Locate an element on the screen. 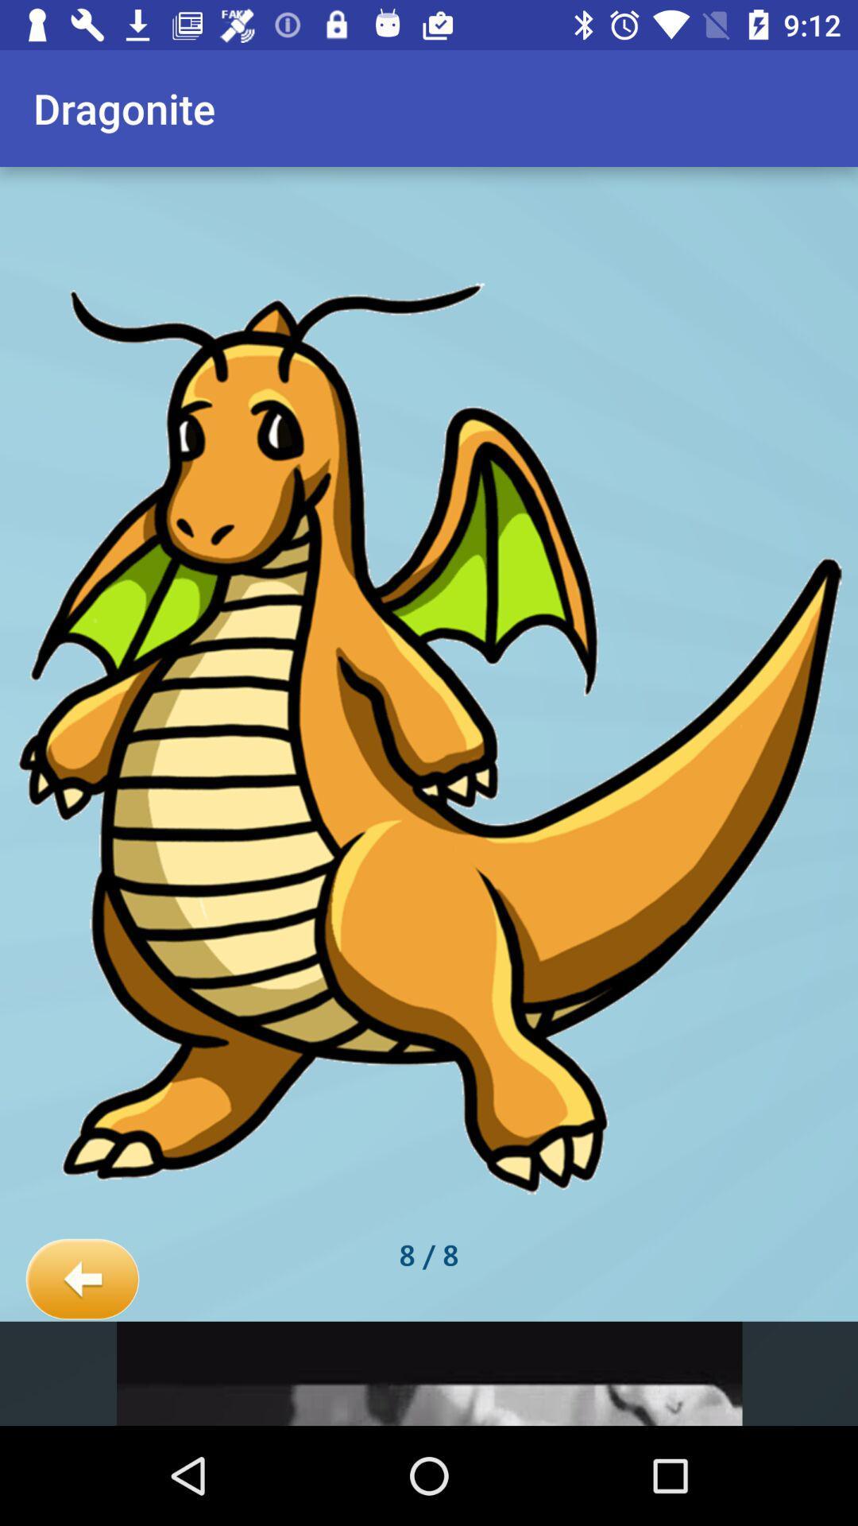  icon at the bottom left corner is located at coordinates (82, 1280).